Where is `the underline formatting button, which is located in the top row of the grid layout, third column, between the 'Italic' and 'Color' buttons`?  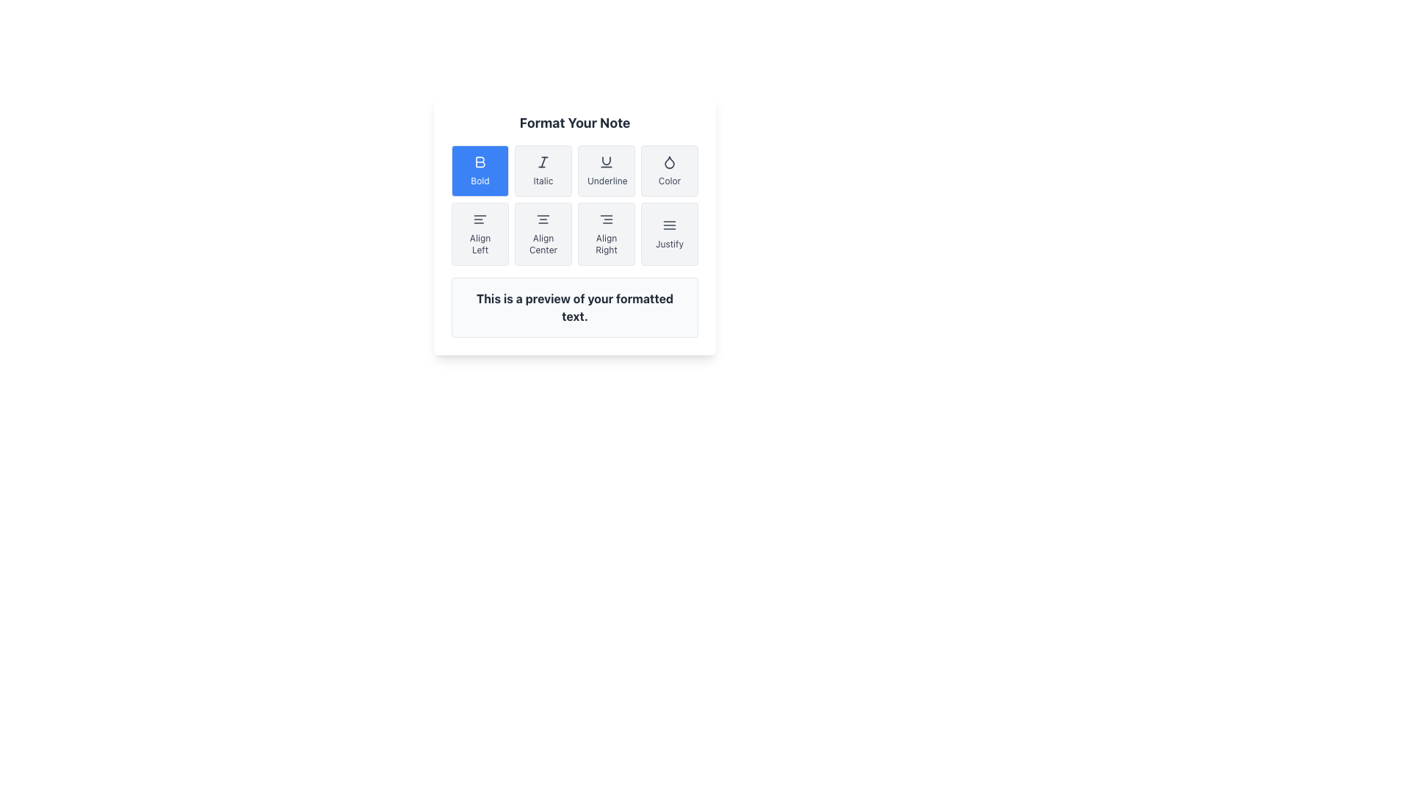
the underline formatting button, which is located in the top row of the grid layout, third column, between the 'Italic' and 'Color' buttons is located at coordinates (606, 170).